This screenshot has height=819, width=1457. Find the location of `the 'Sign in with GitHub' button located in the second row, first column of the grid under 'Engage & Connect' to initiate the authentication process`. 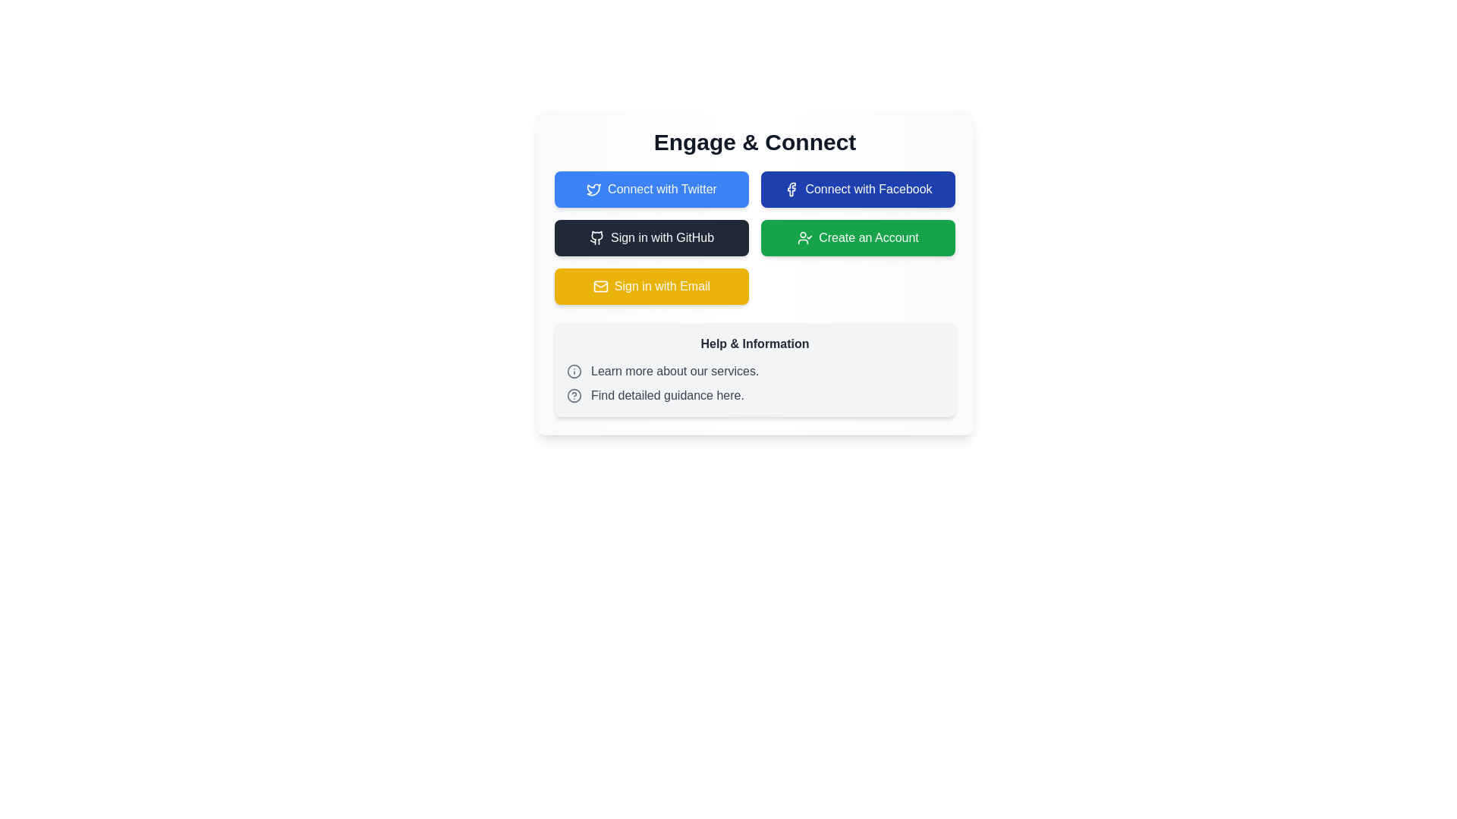

the 'Sign in with GitHub' button located in the second row, first column of the grid under 'Engage & Connect' to initiate the authentication process is located at coordinates (652, 237).